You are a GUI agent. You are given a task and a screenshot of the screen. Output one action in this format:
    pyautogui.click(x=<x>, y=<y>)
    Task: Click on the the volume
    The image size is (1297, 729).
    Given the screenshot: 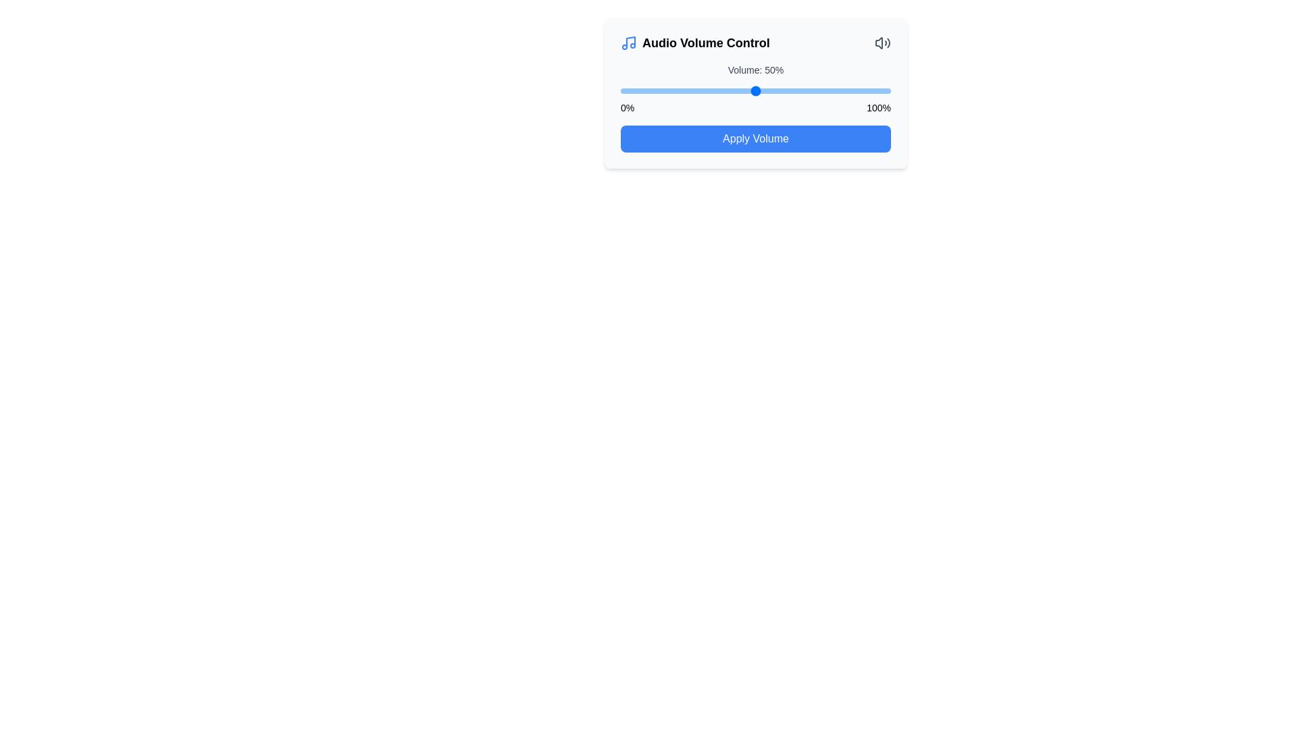 What is the action you would take?
    pyautogui.click(x=836, y=91)
    